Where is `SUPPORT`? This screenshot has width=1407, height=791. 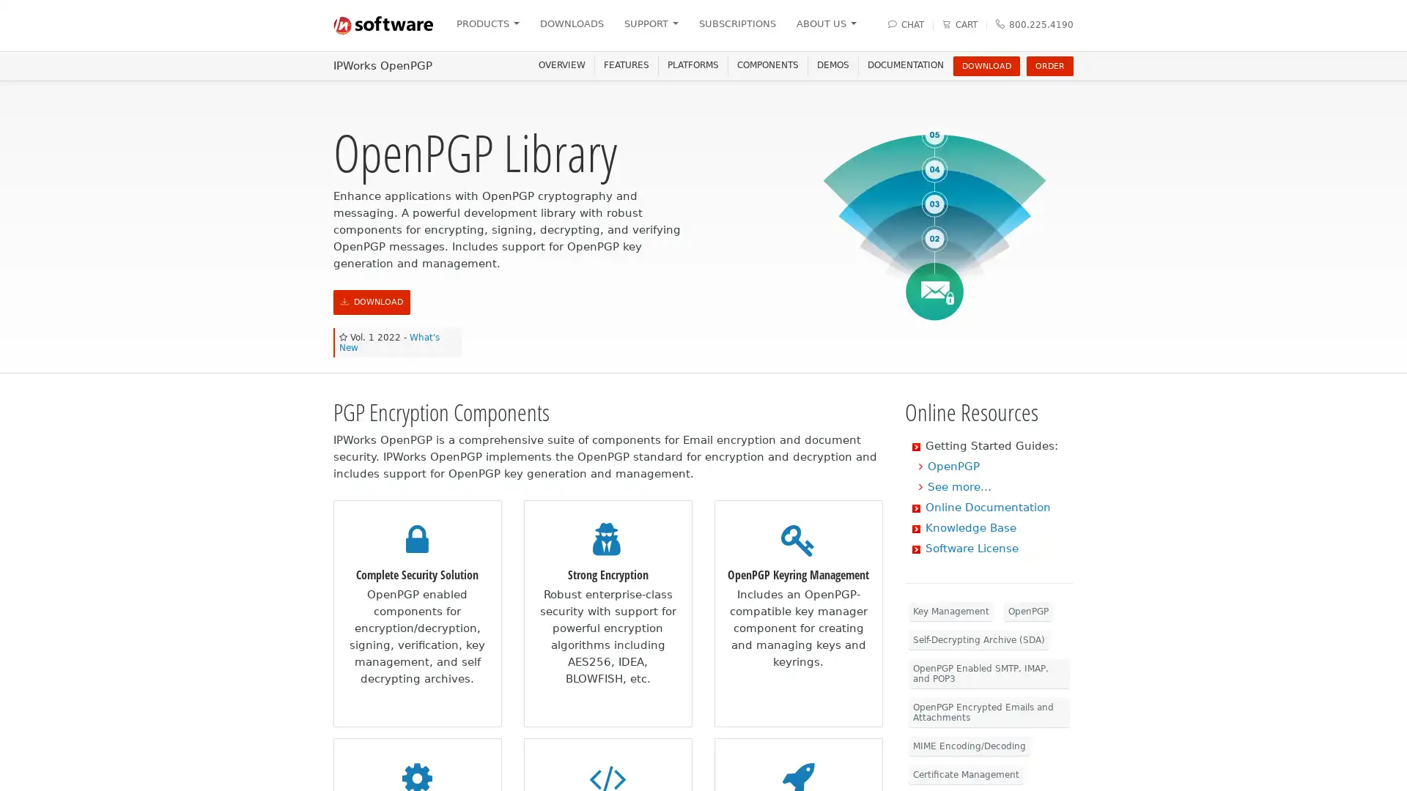
SUPPORT is located at coordinates (650, 23).